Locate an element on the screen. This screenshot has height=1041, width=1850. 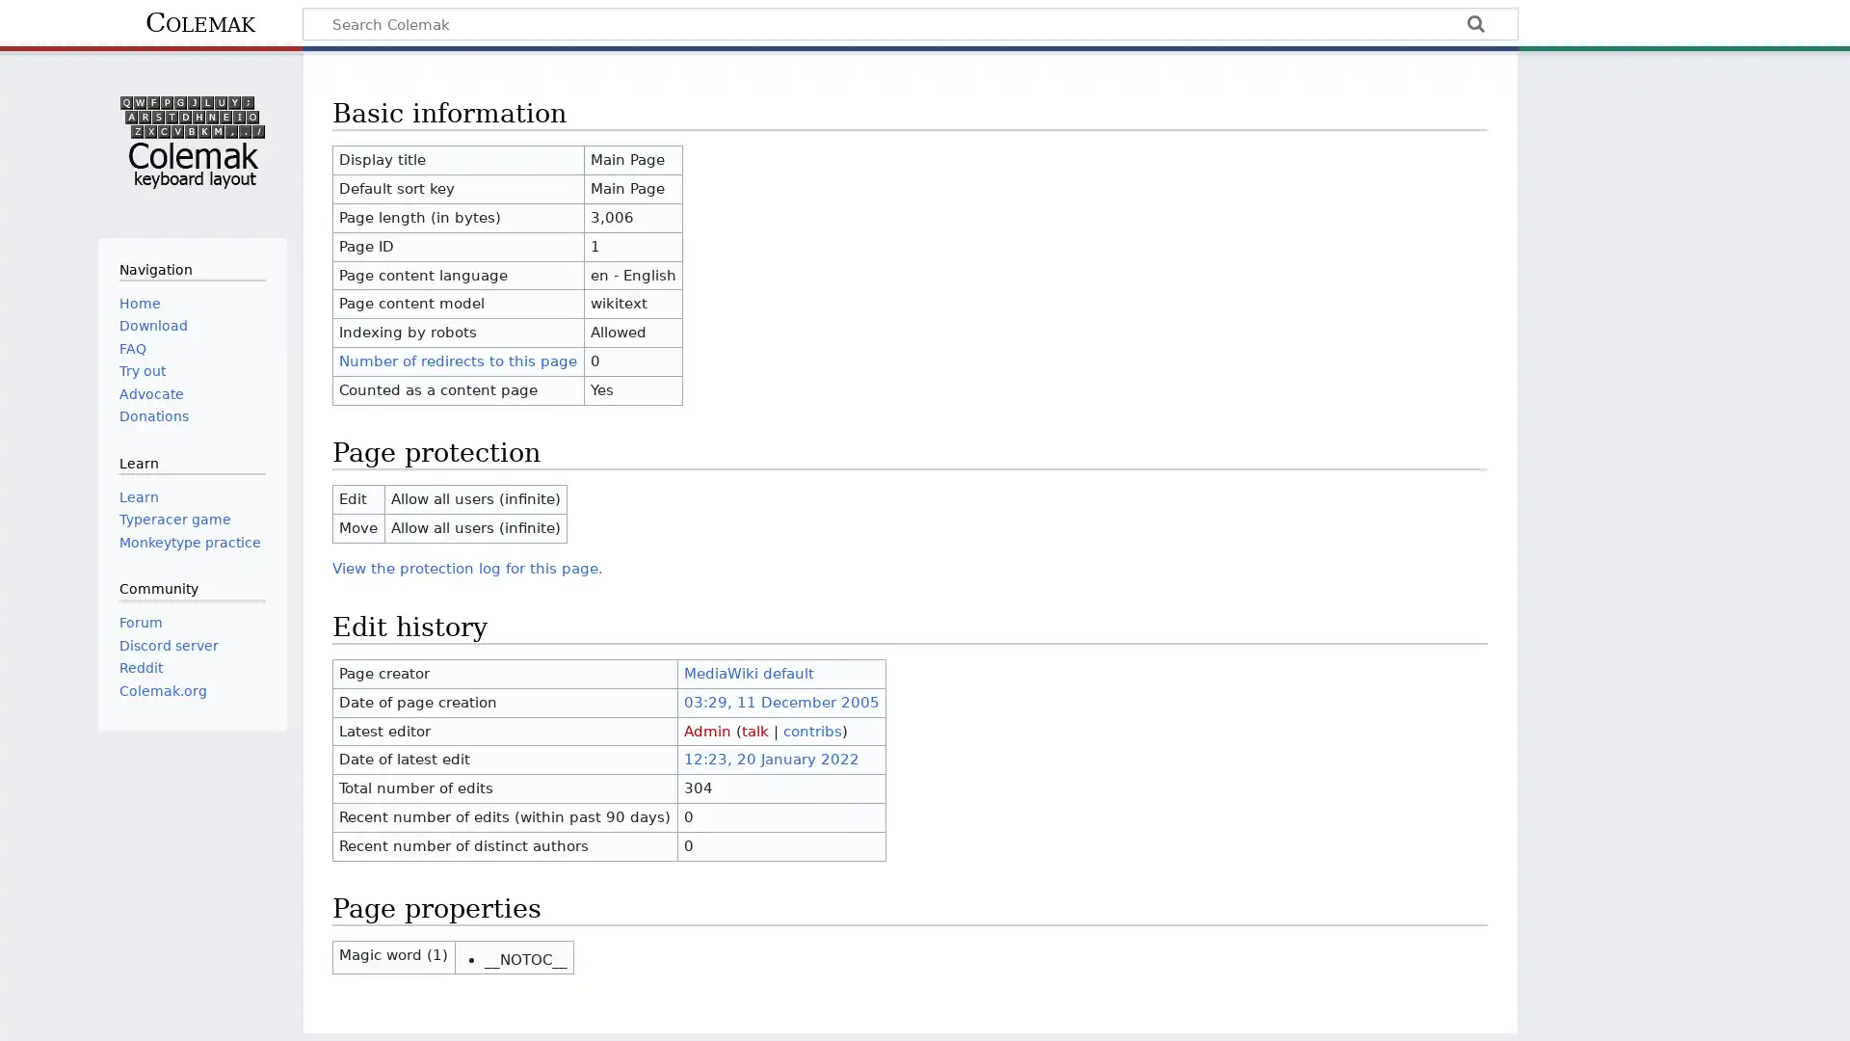
Go is located at coordinates (1474, 26).